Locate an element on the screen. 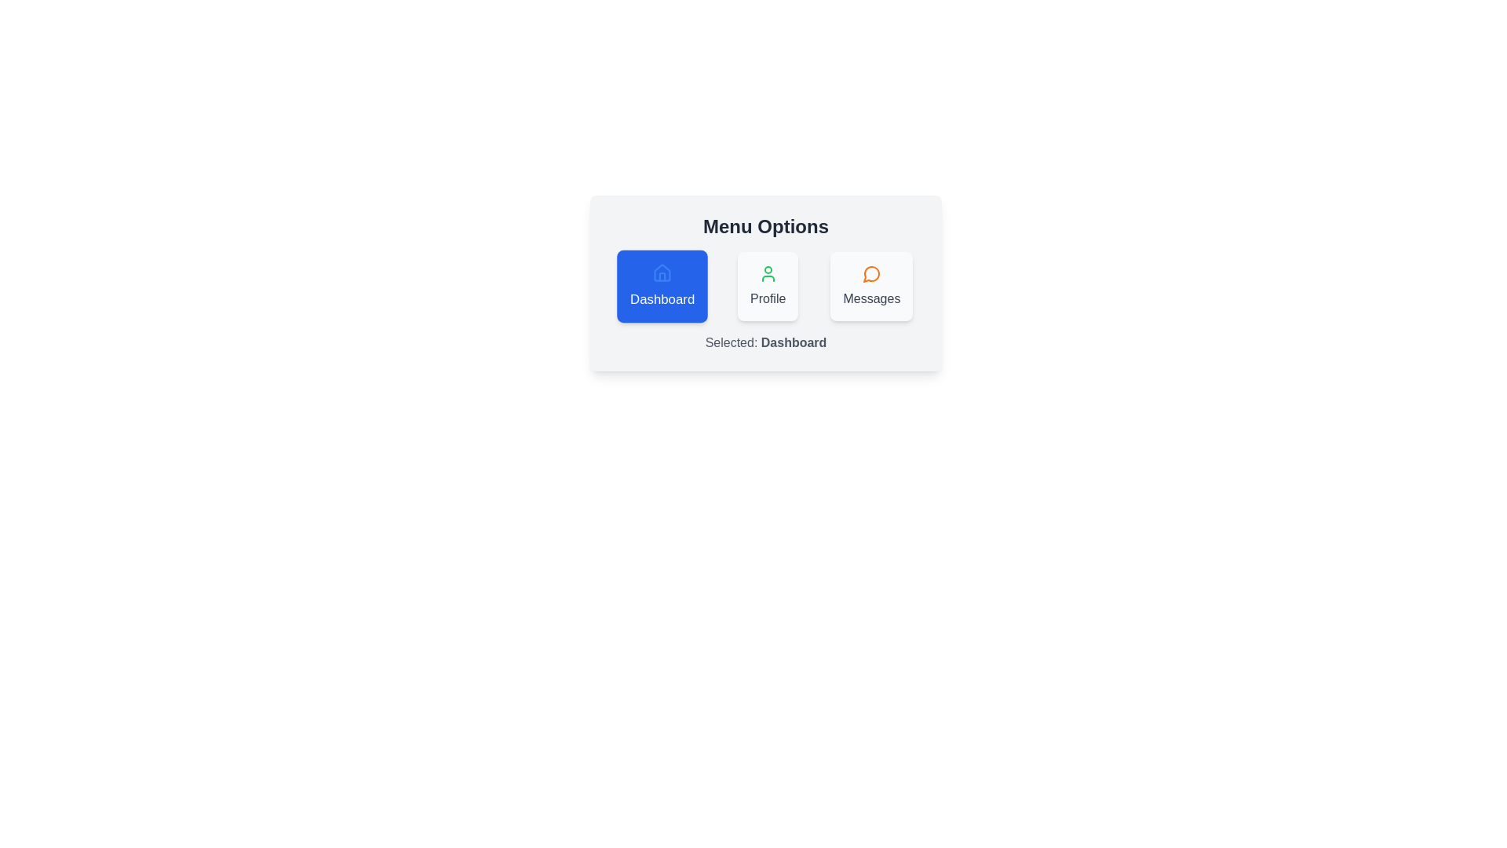 The width and height of the screenshot is (1507, 848). the Profile chip to observe its hover effect is located at coordinates (768, 287).